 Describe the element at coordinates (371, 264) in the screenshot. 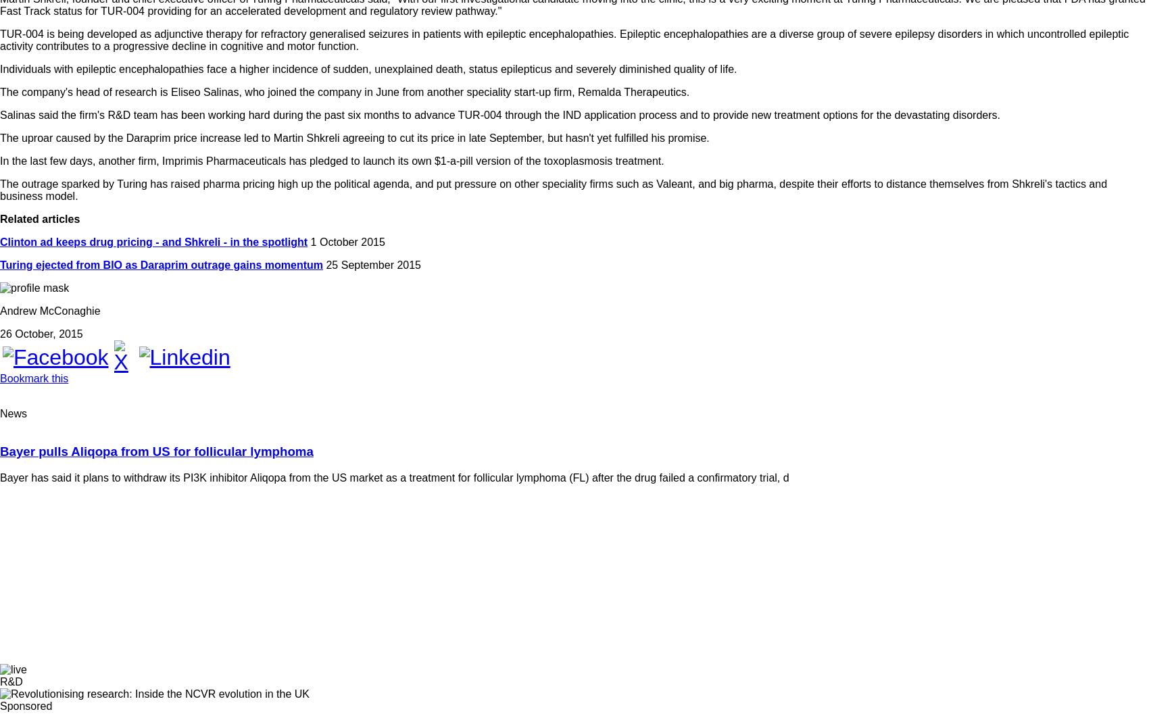

I see `'25 September 2015'` at that location.